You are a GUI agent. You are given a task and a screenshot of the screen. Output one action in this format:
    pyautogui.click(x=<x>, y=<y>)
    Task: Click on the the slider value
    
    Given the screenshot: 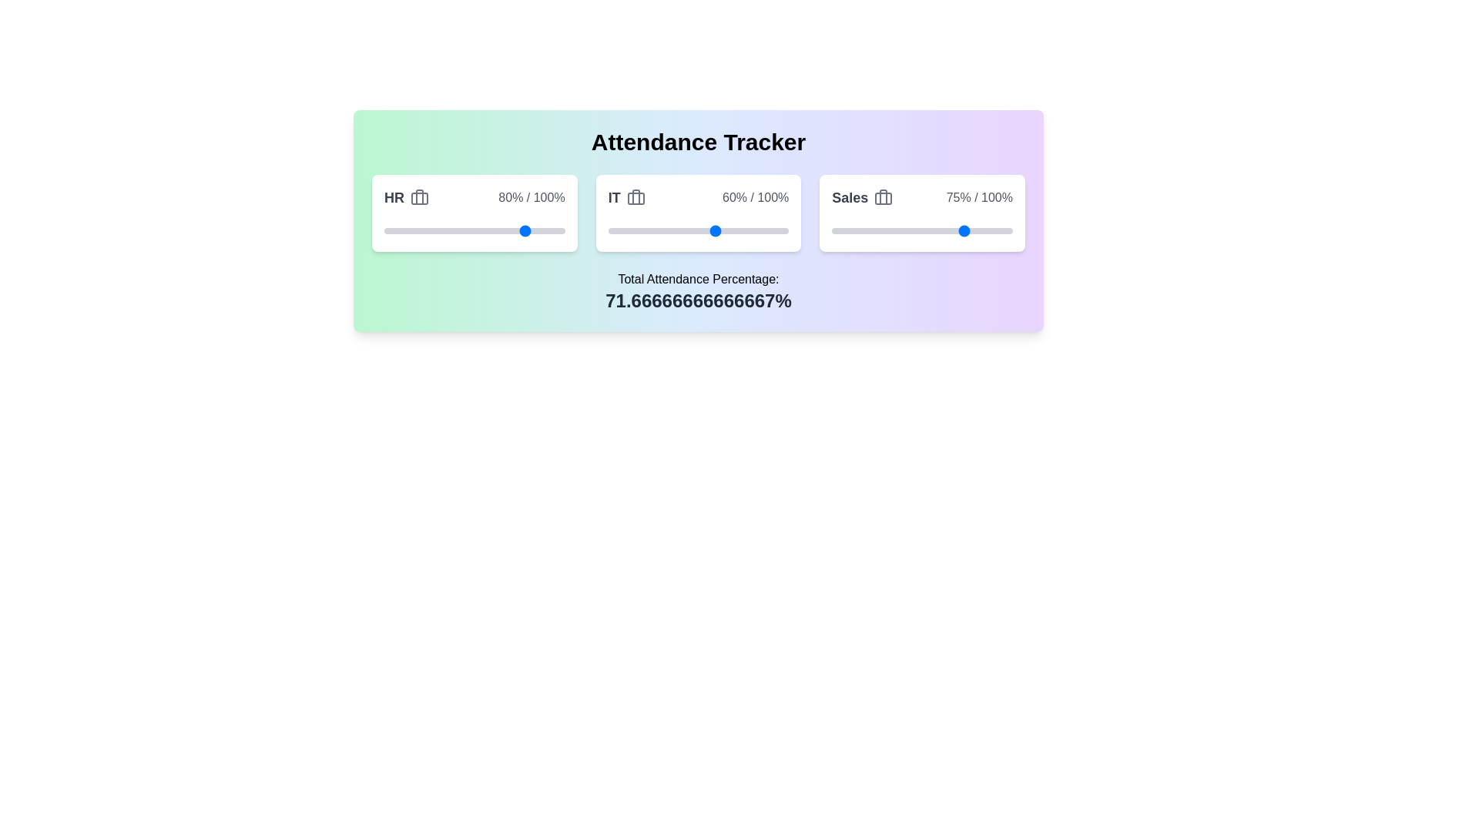 What is the action you would take?
    pyautogui.click(x=615, y=231)
    